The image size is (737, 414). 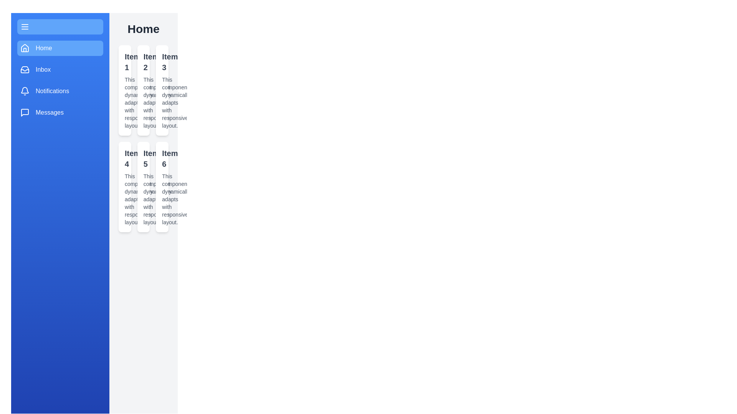 What do you see at coordinates (25, 112) in the screenshot?
I see `the 'Messages' icon in the vertical navigation menu` at bounding box center [25, 112].